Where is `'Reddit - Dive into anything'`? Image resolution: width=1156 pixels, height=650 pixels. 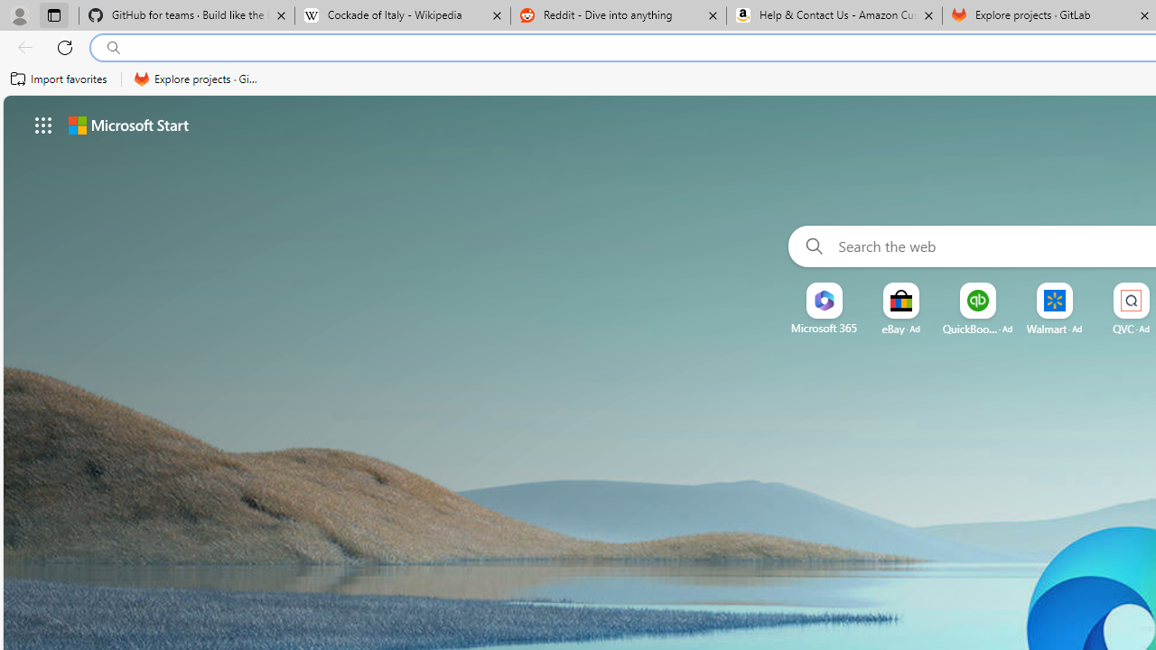
'Reddit - Dive into anything' is located at coordinates (618, 15).